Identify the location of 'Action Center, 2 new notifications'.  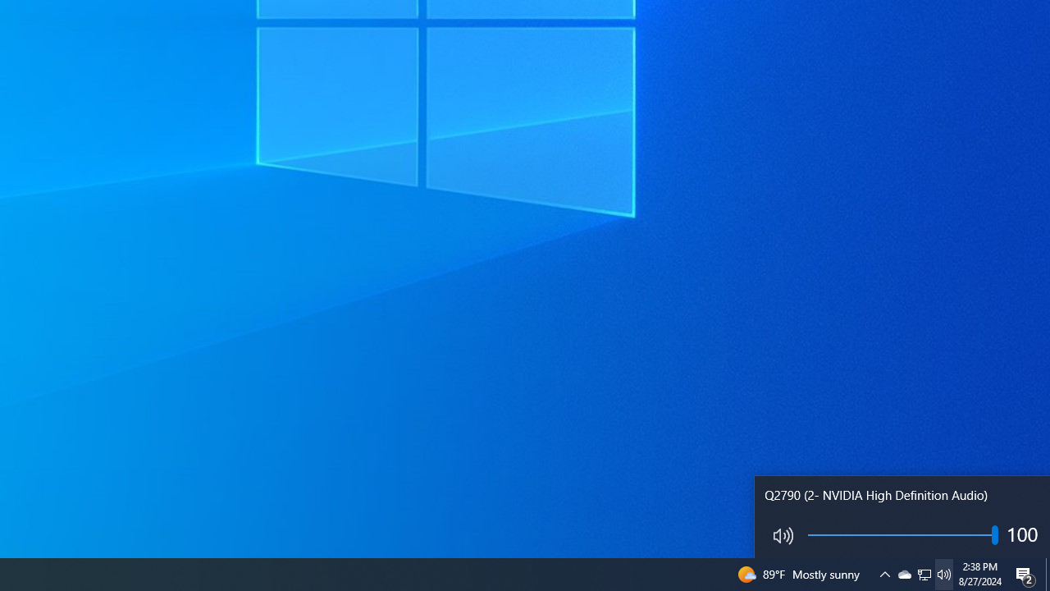
(1025, 573).